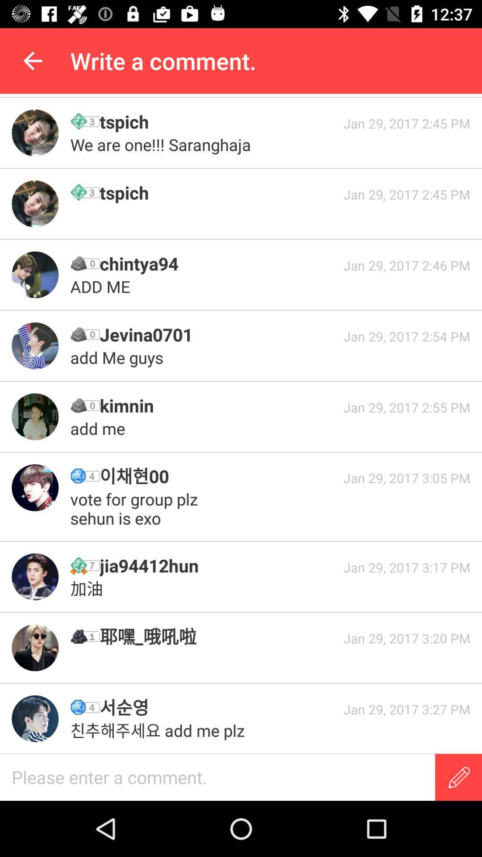  I want to click on profile, so click(34, 203).